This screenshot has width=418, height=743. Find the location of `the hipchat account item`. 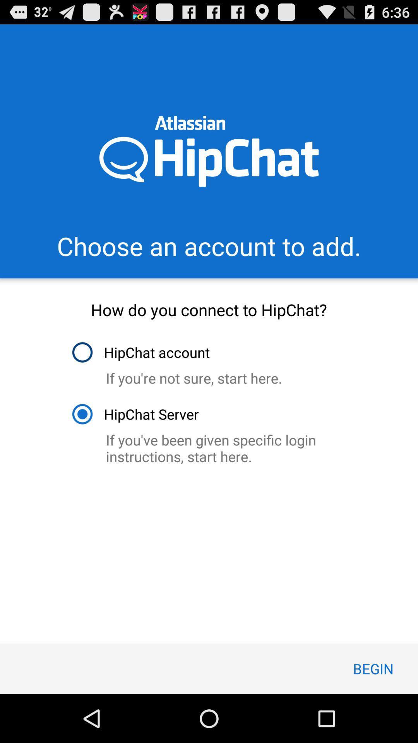

the hipchat account item is located at coordinates (140, 352).